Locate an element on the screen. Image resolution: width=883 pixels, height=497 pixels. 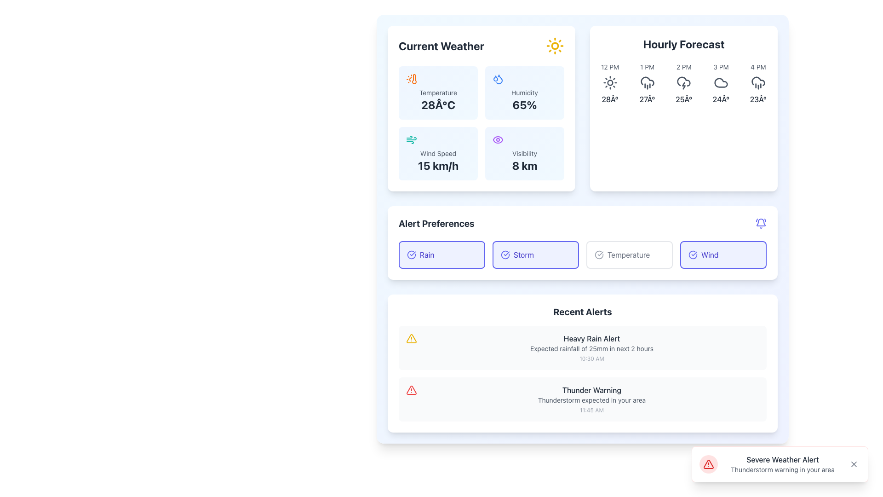
the static text display that shows the temperature value for 12 PM in the hourly forecast section is located at coordinates (610, 99).